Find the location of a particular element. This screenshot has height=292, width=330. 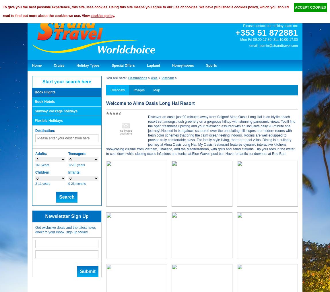

'Share:' is located at coordinates (263, 6).